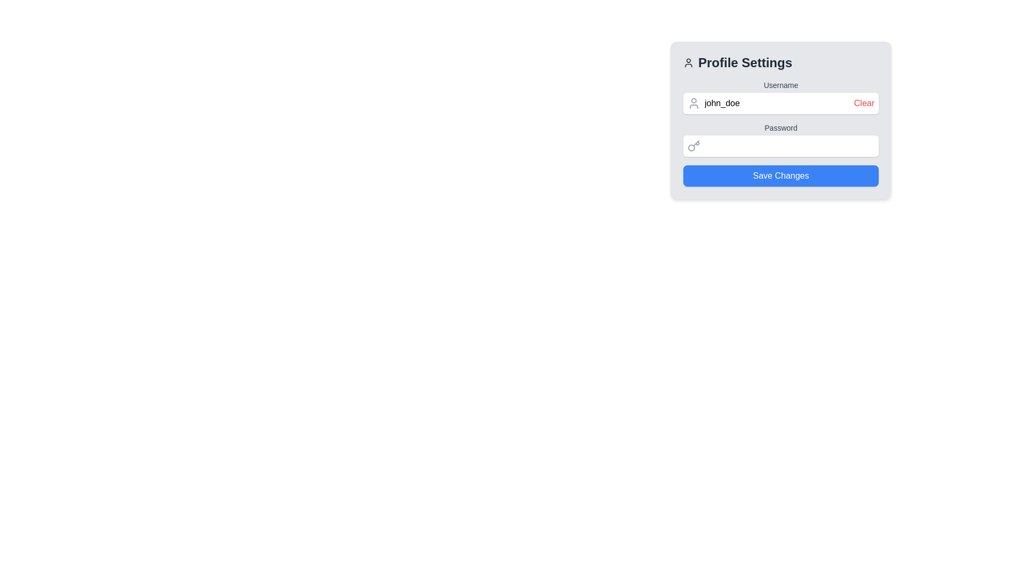 The height and width of the screenshot is (576, 1025). I want to click on the clear button located to the right of the 'Username' input field, so click(864, 103).